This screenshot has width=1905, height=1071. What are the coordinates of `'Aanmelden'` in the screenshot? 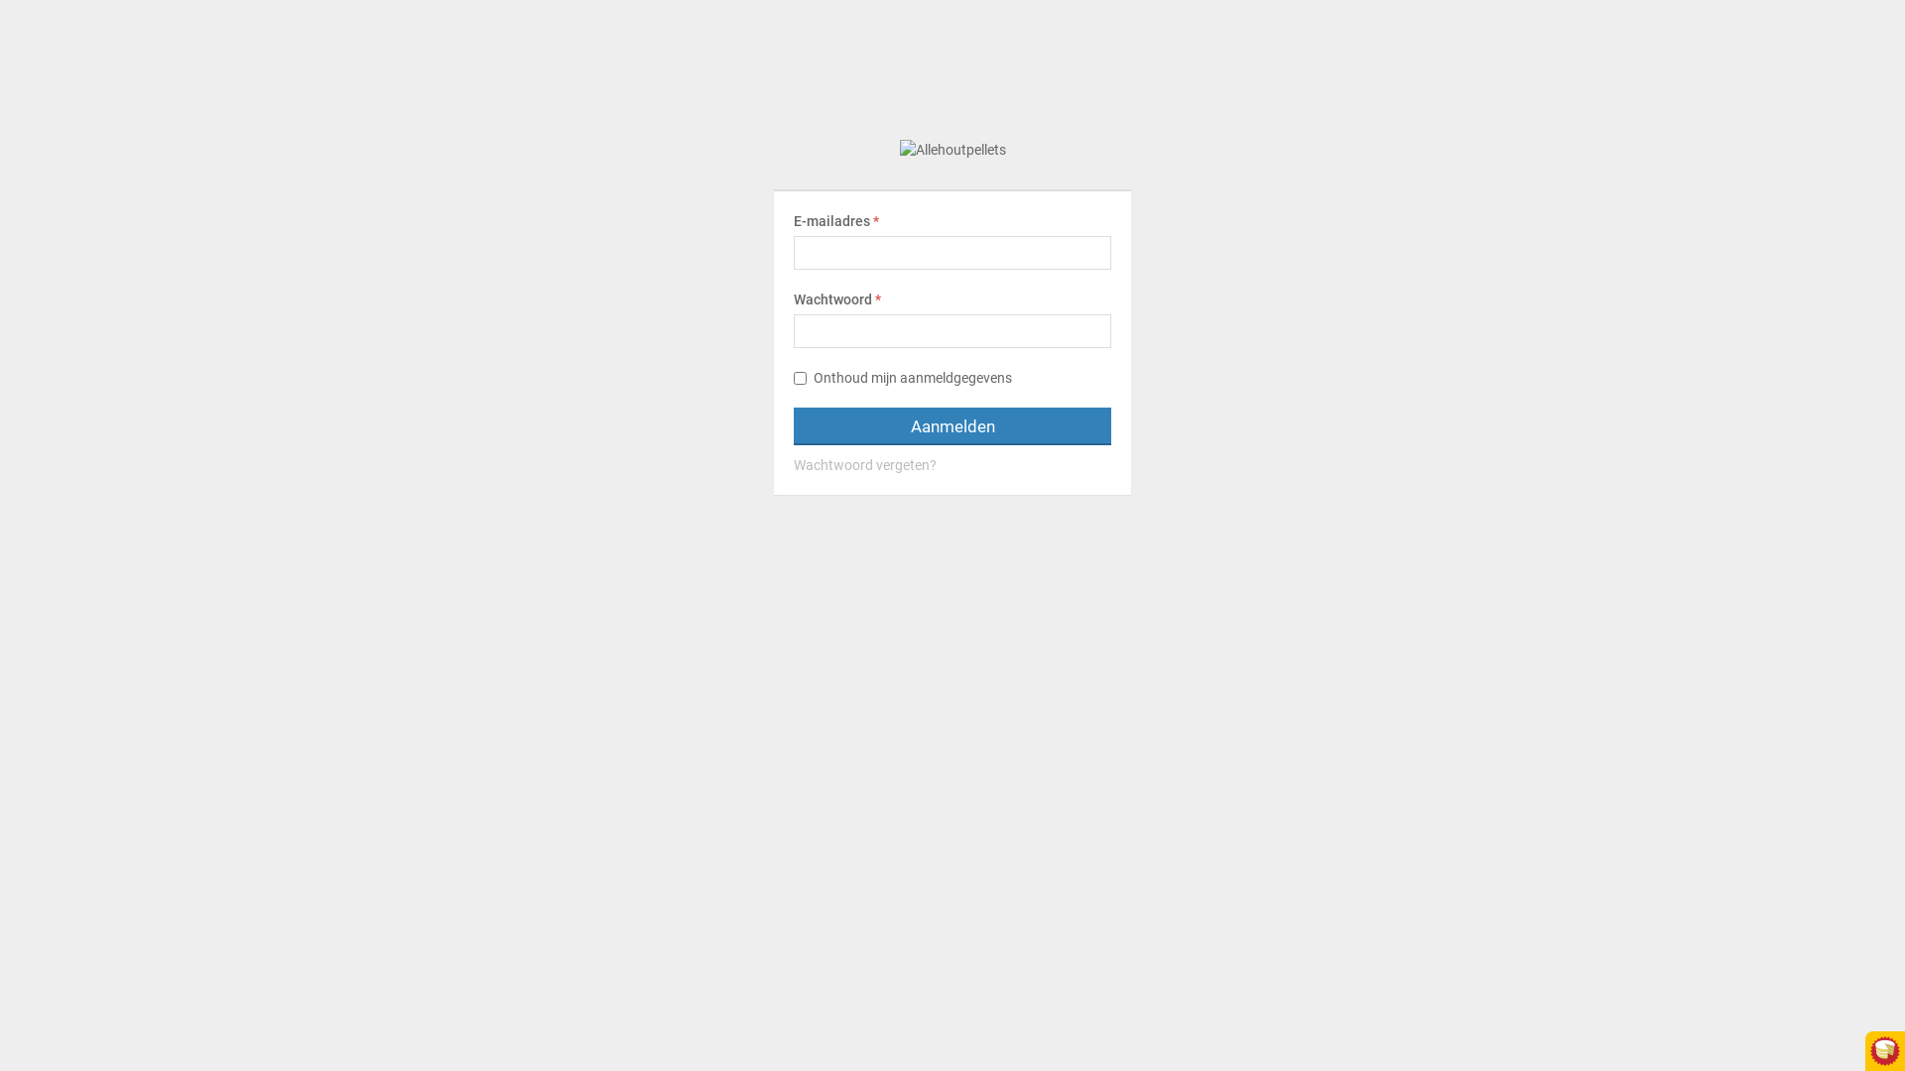 It's located at (952, 424).